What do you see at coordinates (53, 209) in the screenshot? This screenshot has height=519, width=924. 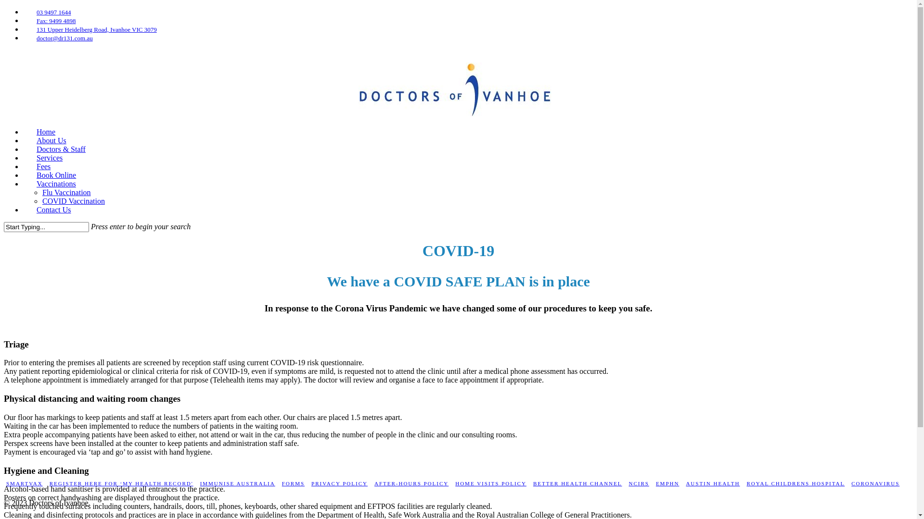 I see `'Contact Us'` at bounding box center [53, 209].